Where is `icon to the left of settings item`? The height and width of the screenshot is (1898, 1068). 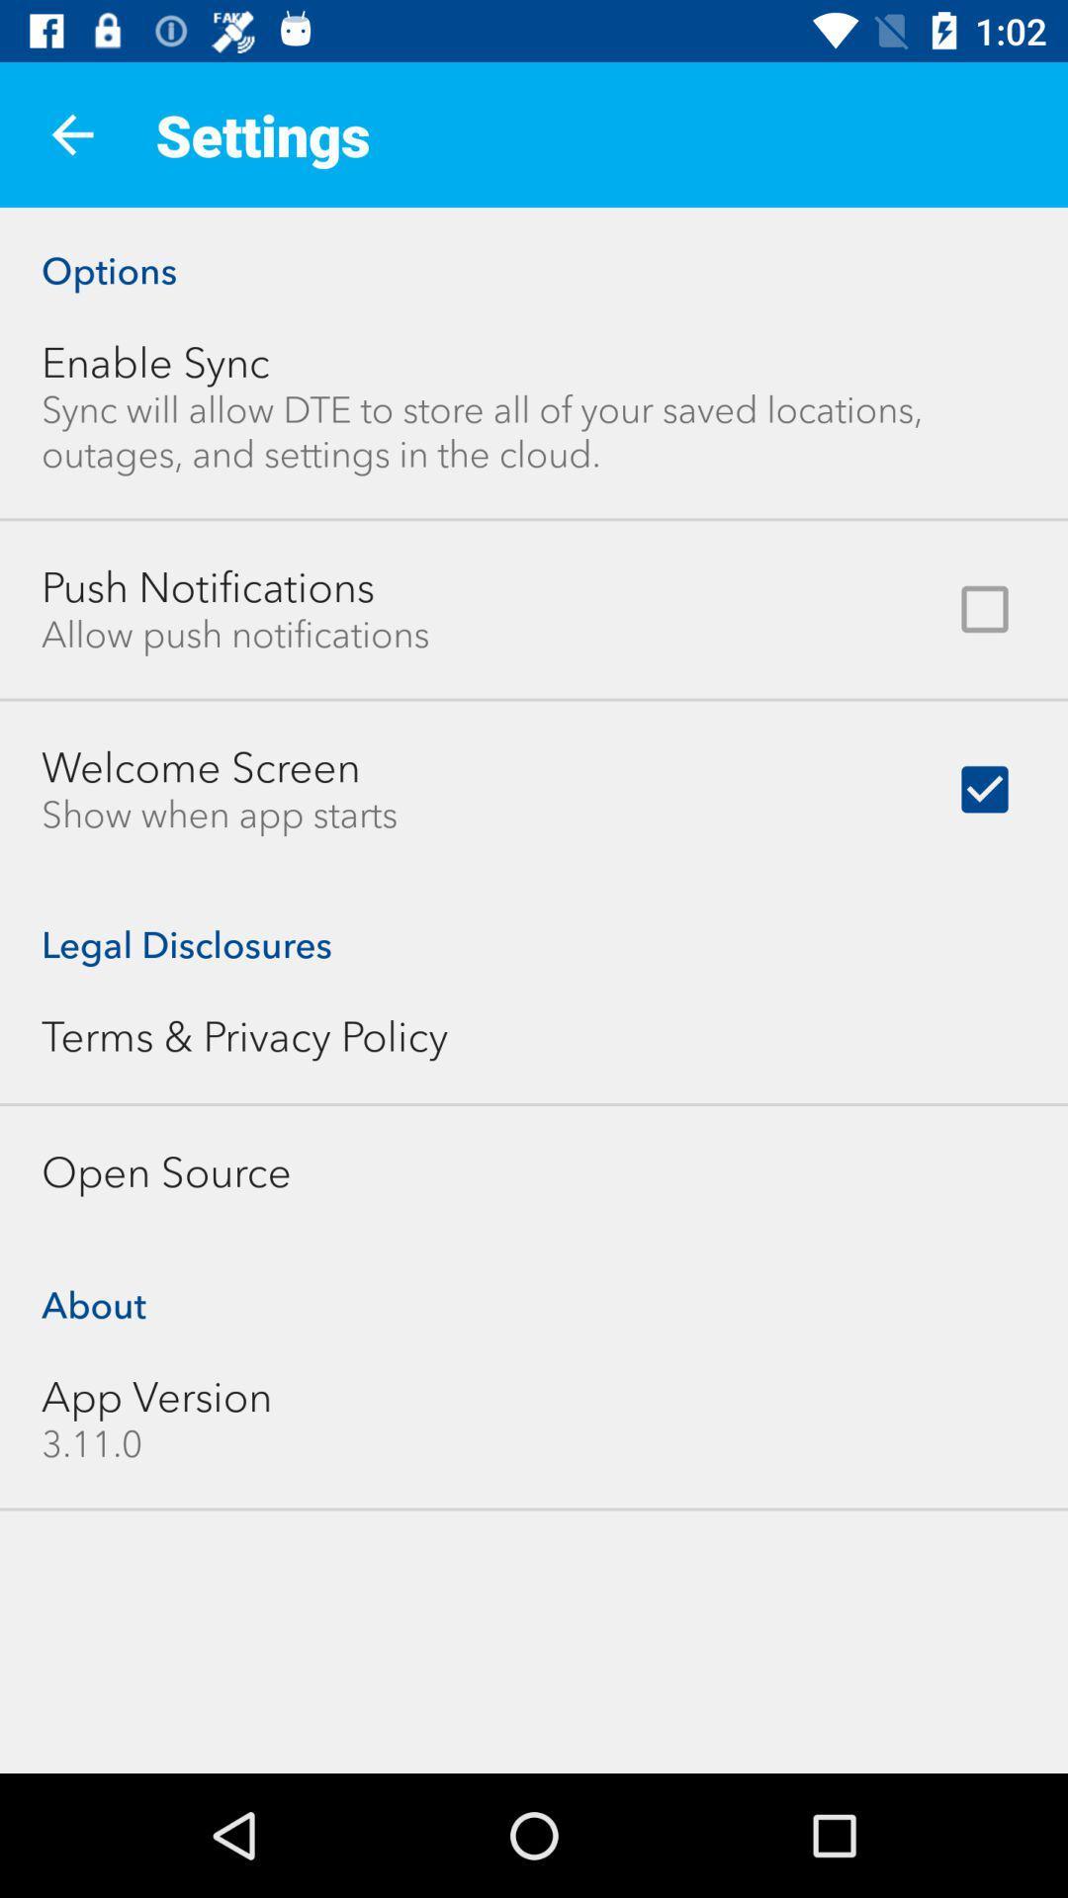
icon to the left of settings item is located at coordinates (71, 133).